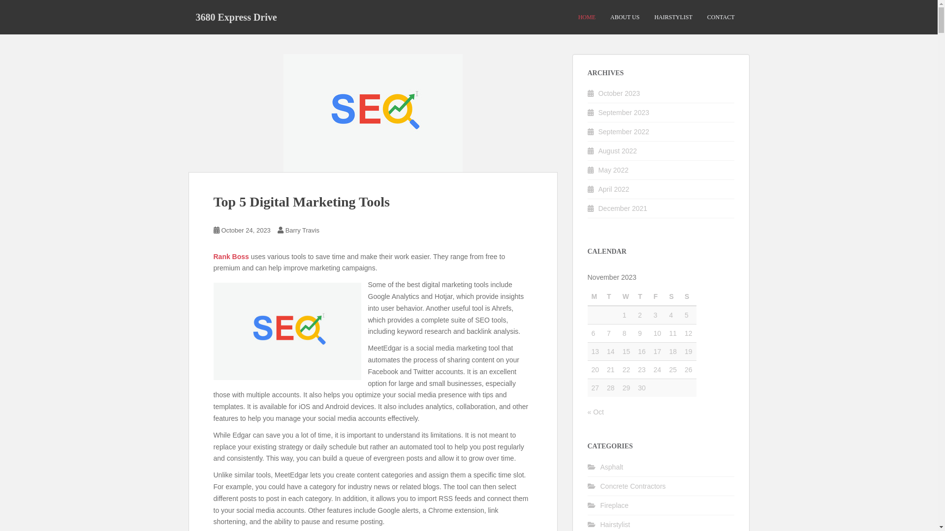  I want to click on 'May 2022', so click(613, 170).